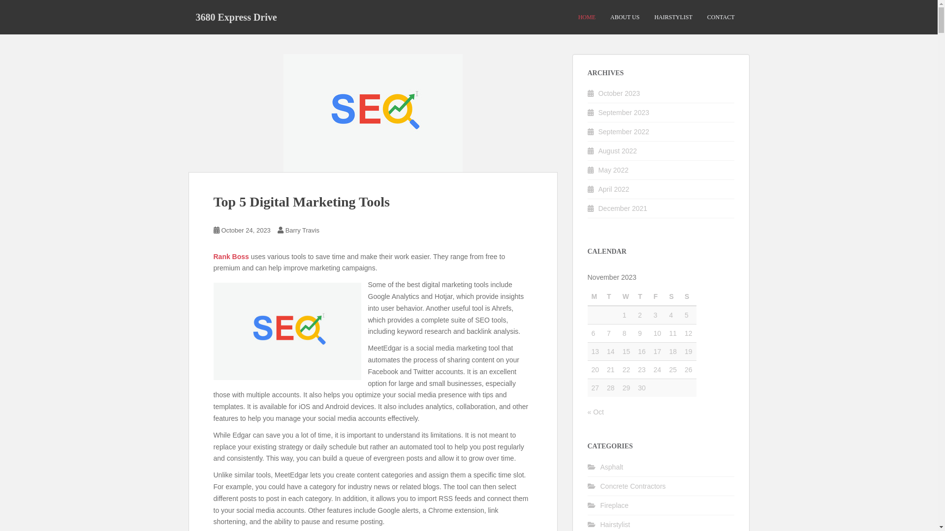  I want to click on 'May 2022', so click(613, 170).